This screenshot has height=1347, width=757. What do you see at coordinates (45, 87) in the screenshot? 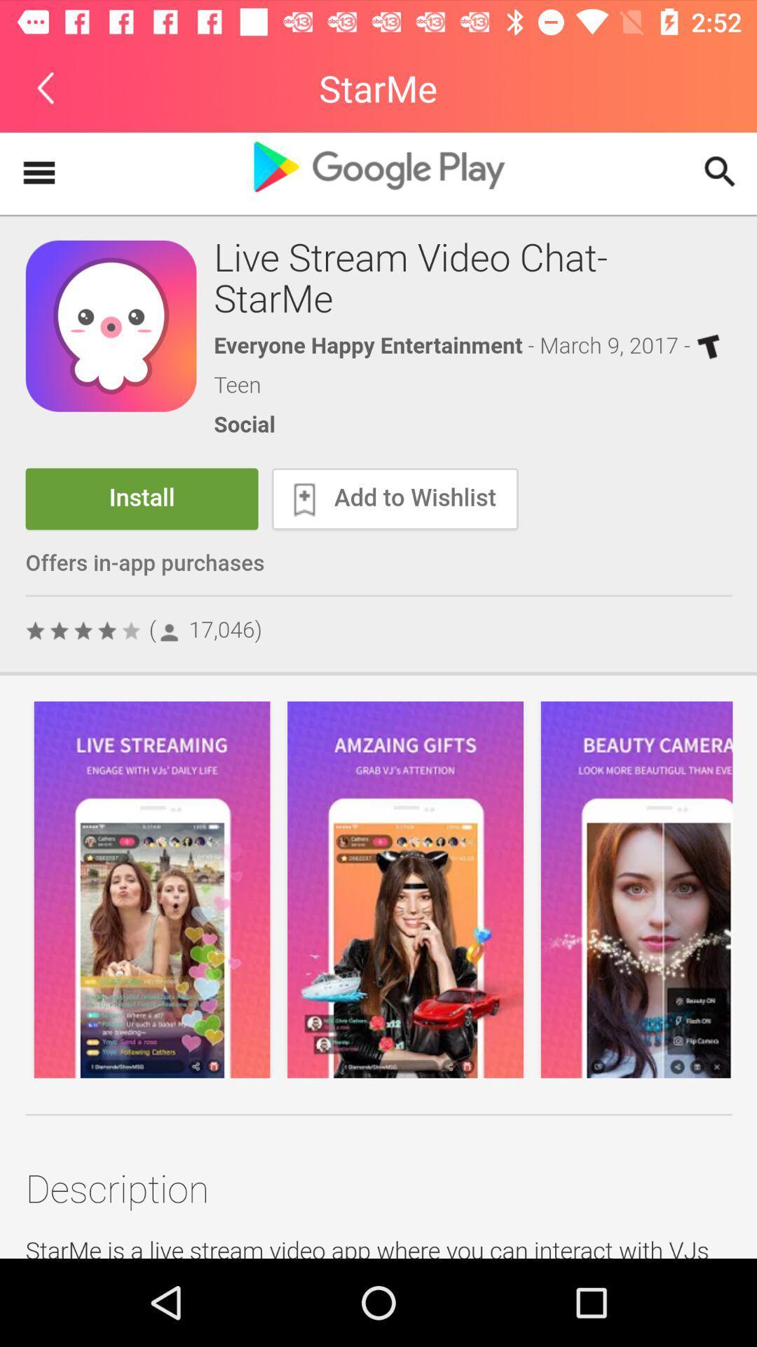
I see `the arrow_backward icon` at bounding box center [45, 87].